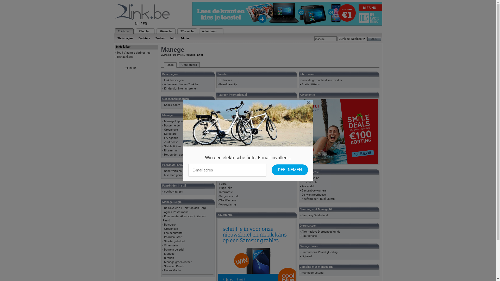  I want to click on 'FR', so click(142, 24).